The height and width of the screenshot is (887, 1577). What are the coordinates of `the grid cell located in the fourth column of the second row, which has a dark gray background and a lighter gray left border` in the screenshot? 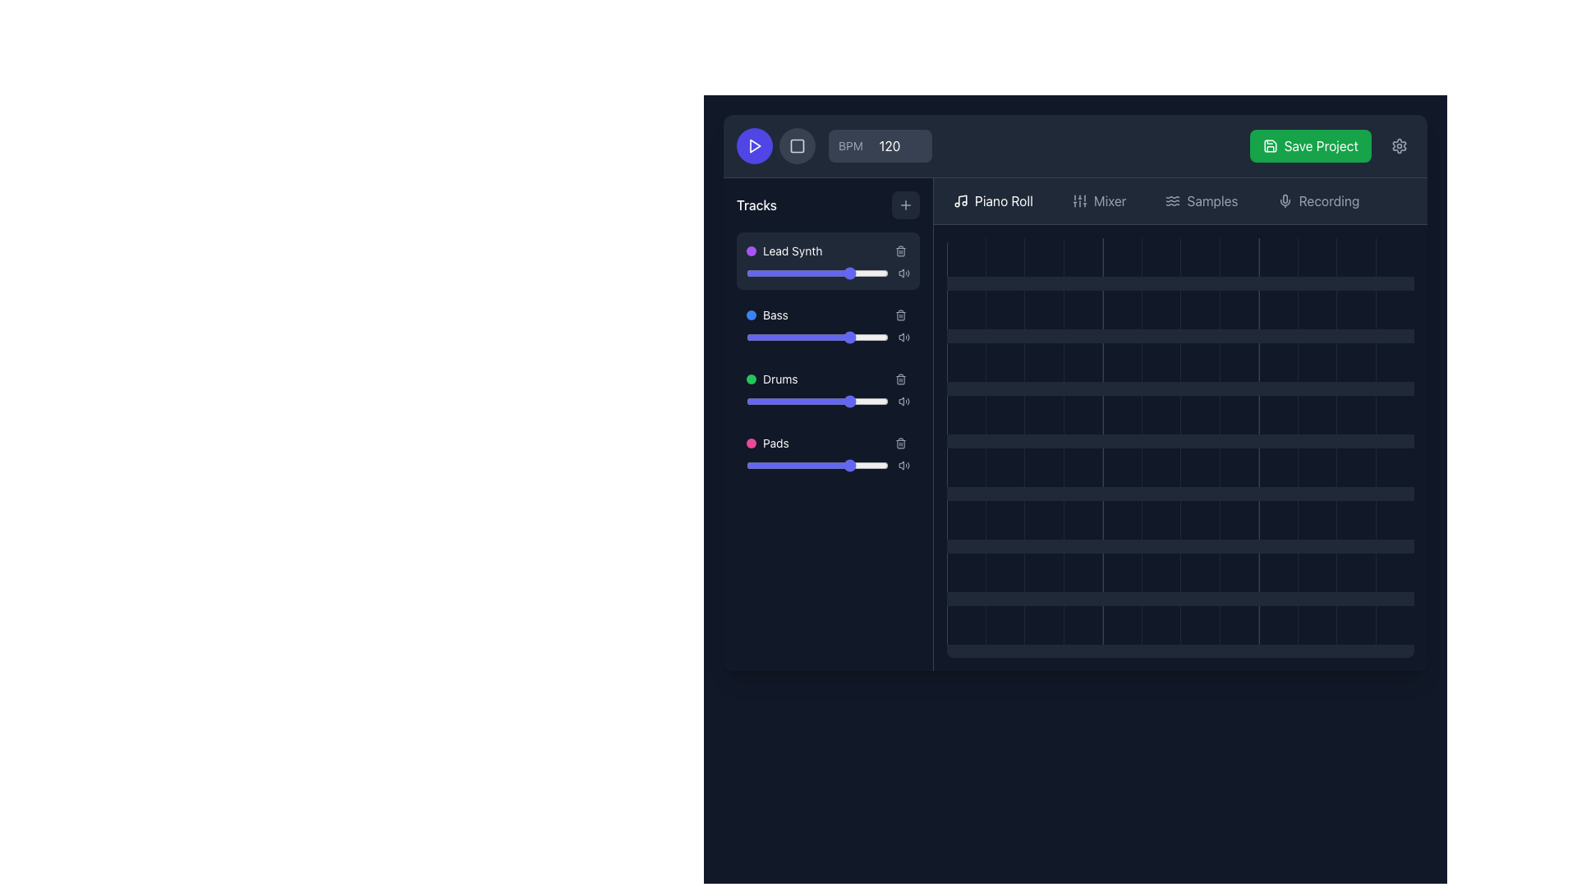 It's located at (1277, 310).